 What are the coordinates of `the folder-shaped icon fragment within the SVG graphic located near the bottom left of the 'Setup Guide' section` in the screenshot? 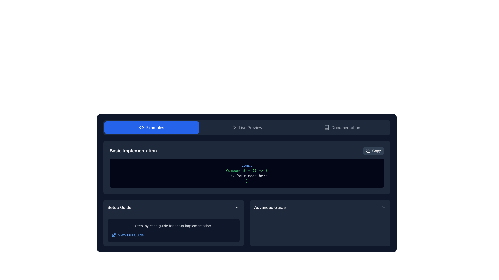 It's located at (113, 235).